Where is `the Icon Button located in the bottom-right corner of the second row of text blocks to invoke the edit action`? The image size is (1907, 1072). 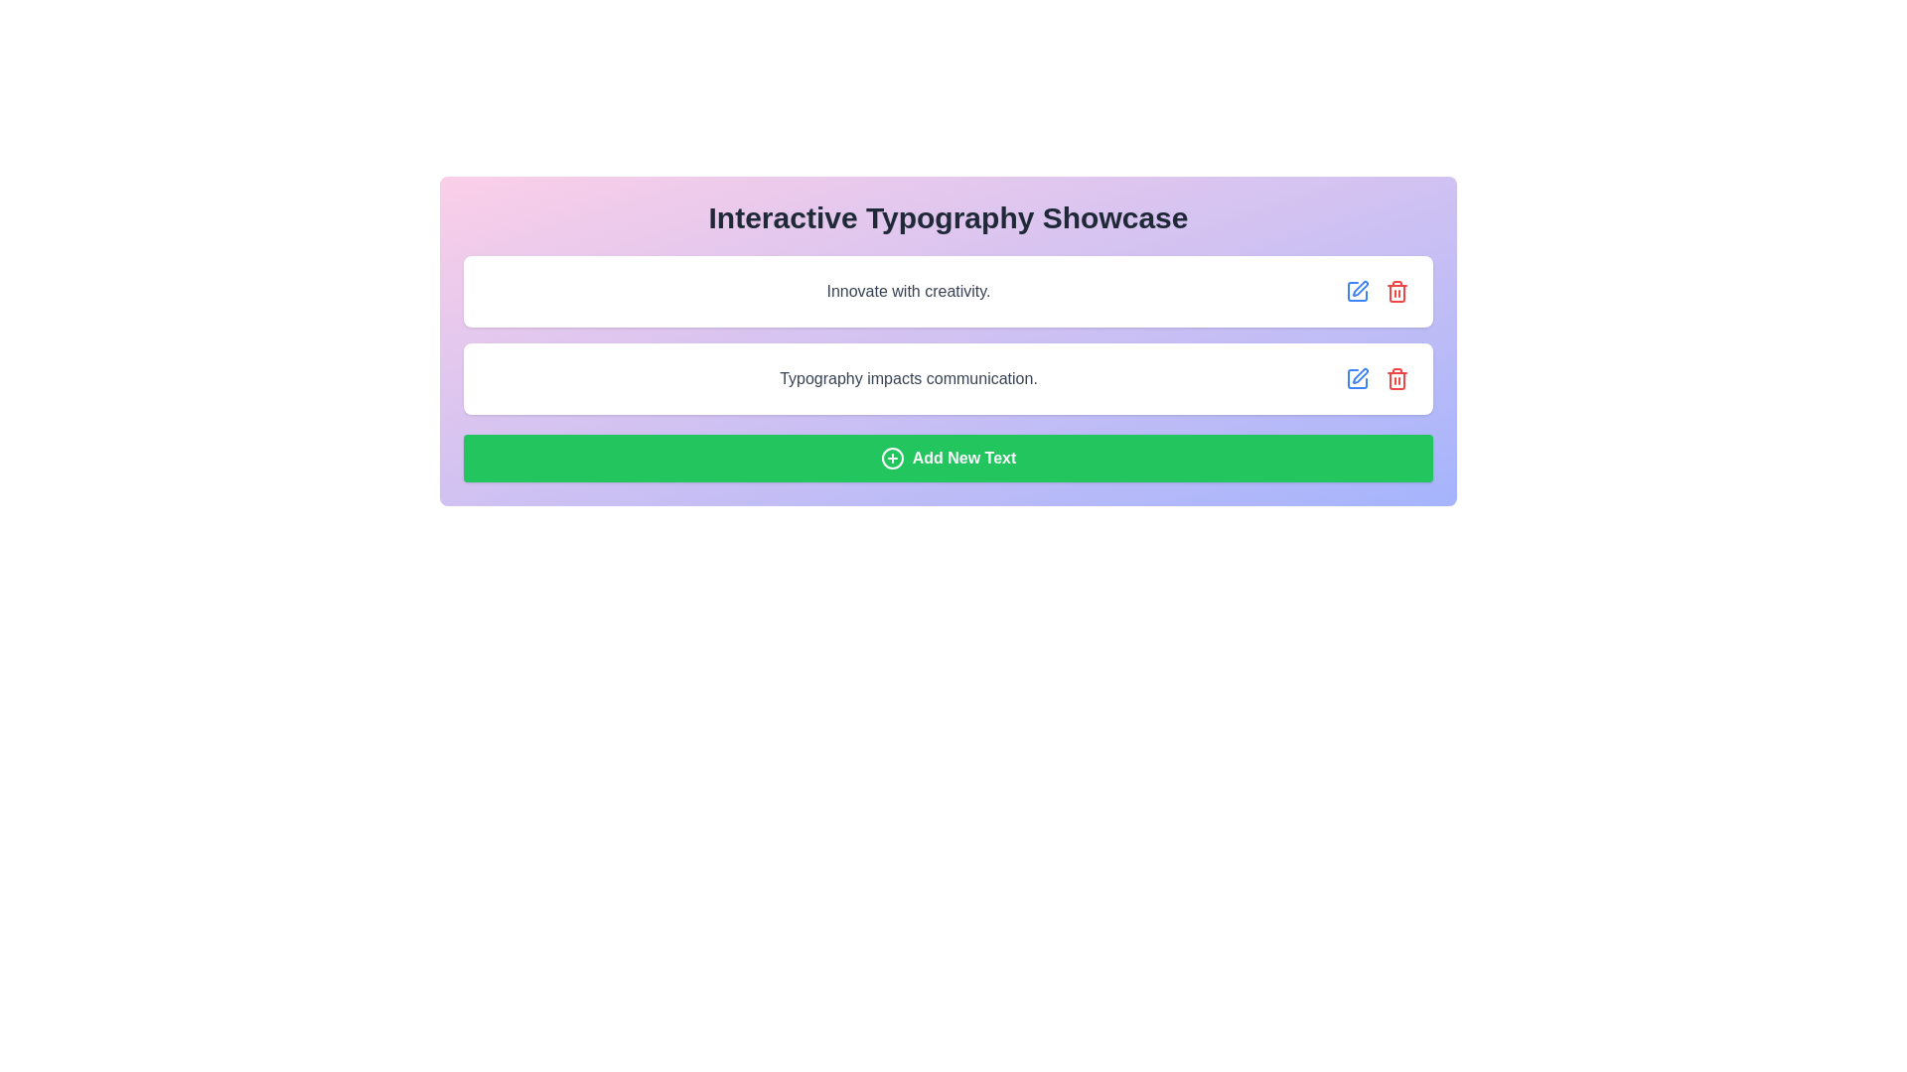
the Icon Button located in the bottom-right corner of the second row of text blocks to invoke the edit action is located at coordinates (1357, 378).